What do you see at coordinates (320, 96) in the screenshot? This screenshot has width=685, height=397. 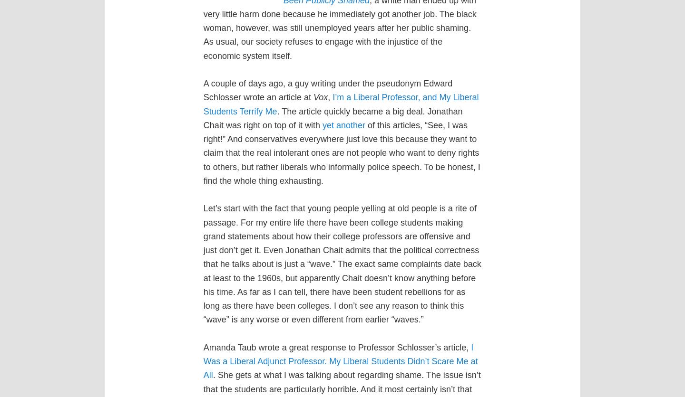 I see `'Vox'` at bounding box center [320, 96].